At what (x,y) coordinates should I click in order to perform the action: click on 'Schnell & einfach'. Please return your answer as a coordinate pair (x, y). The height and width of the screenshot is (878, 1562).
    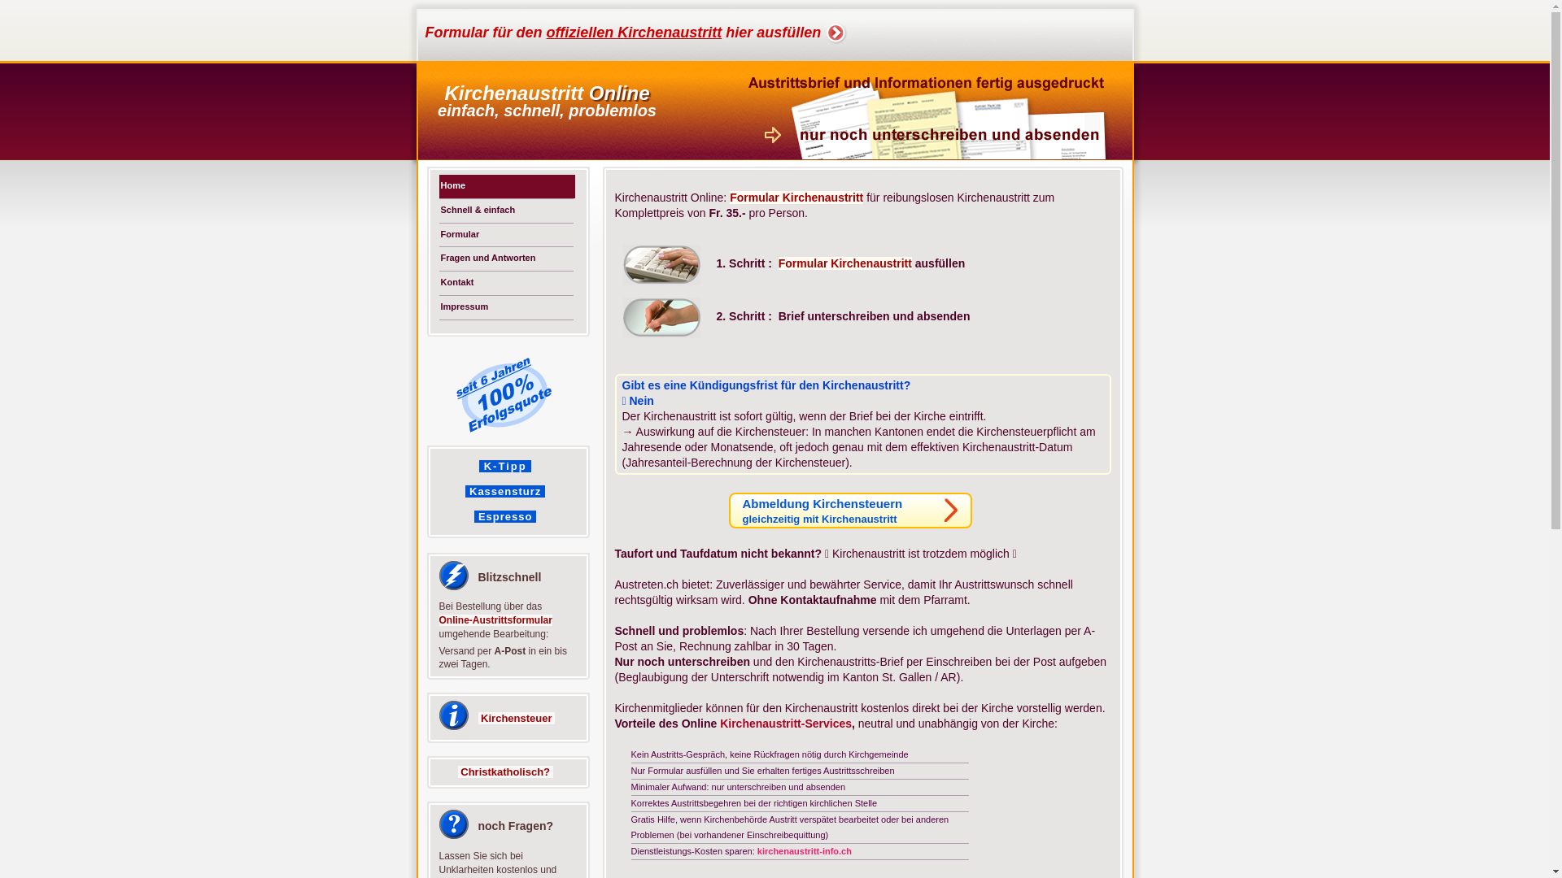
    Looking at the image, I should click on (438, 210).